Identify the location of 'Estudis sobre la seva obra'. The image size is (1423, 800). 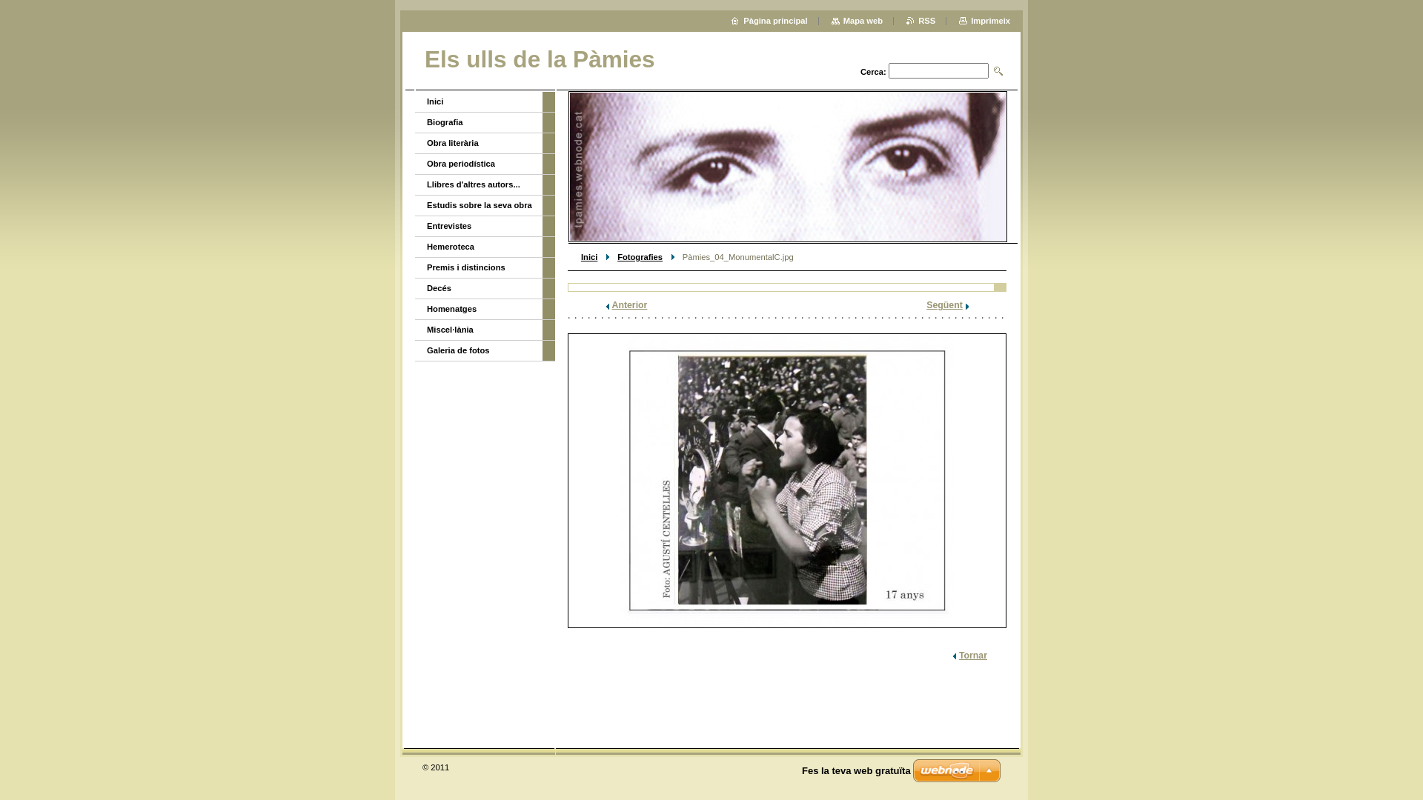
(479, 205).